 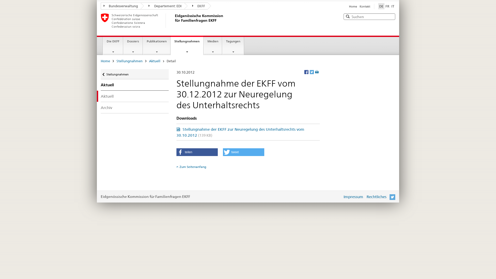 What do you see at coordinates (154, 60) in the screenshot?
I see `'Aktuell'` at bounding box center [154, 60].